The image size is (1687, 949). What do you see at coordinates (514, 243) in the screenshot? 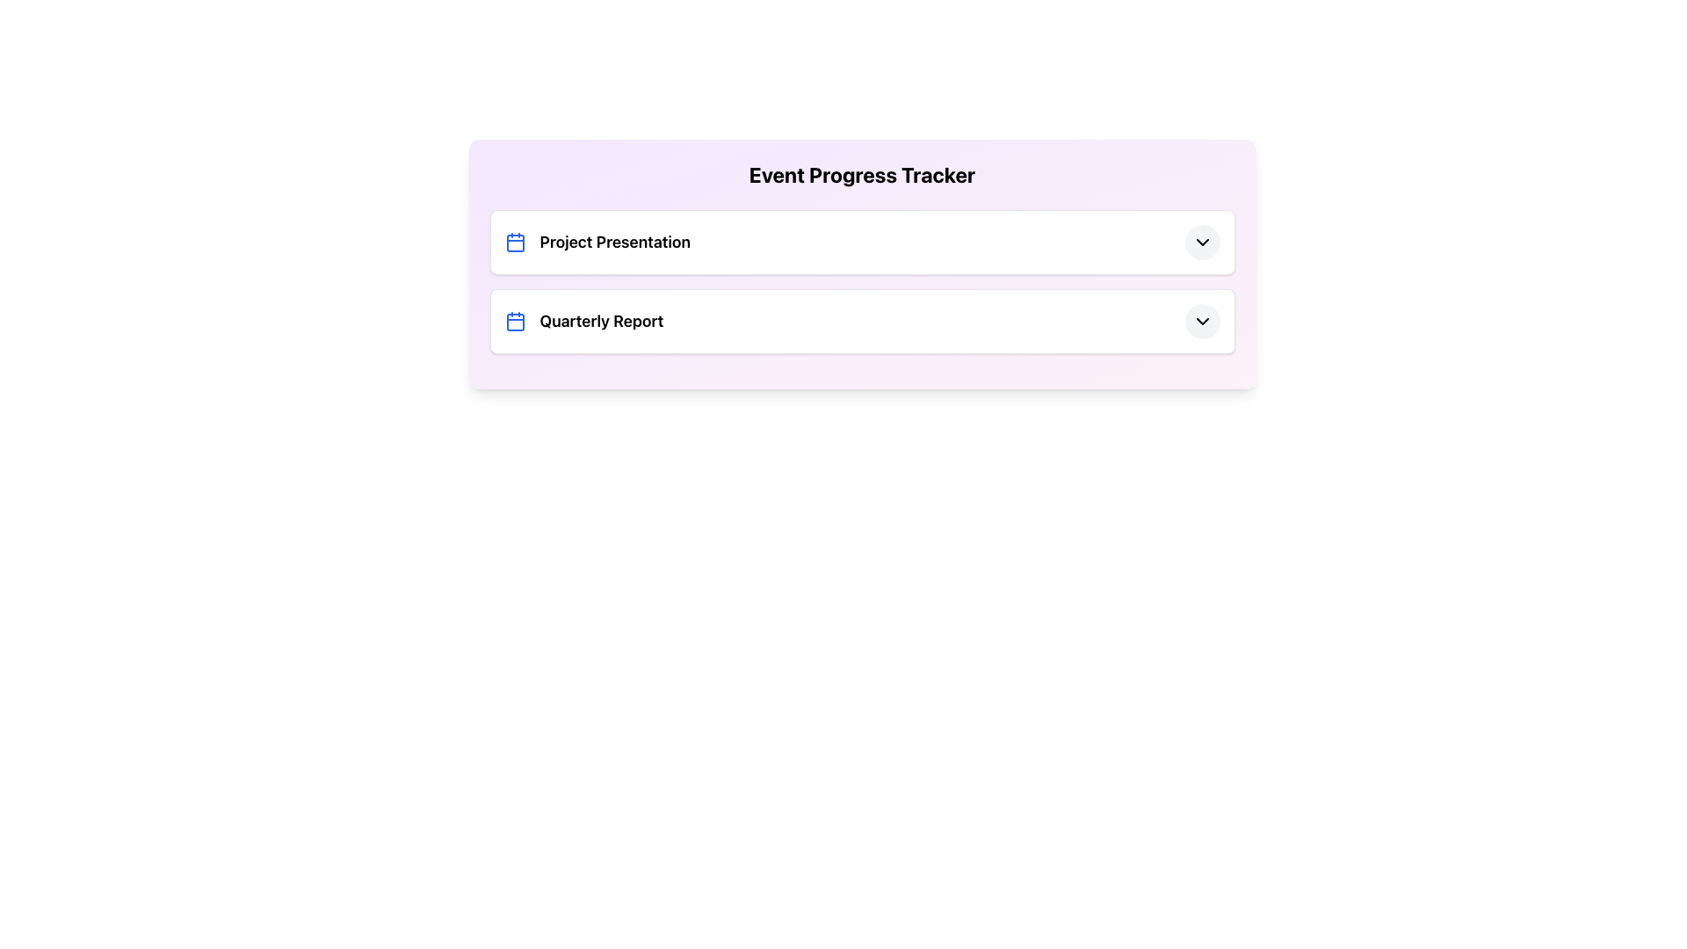
I see `the blue calendar icon, which is a minimalistic SVG icon located to the left of the text 'Project Presentation' in the first row of the list` at bounding box center [514, 243].